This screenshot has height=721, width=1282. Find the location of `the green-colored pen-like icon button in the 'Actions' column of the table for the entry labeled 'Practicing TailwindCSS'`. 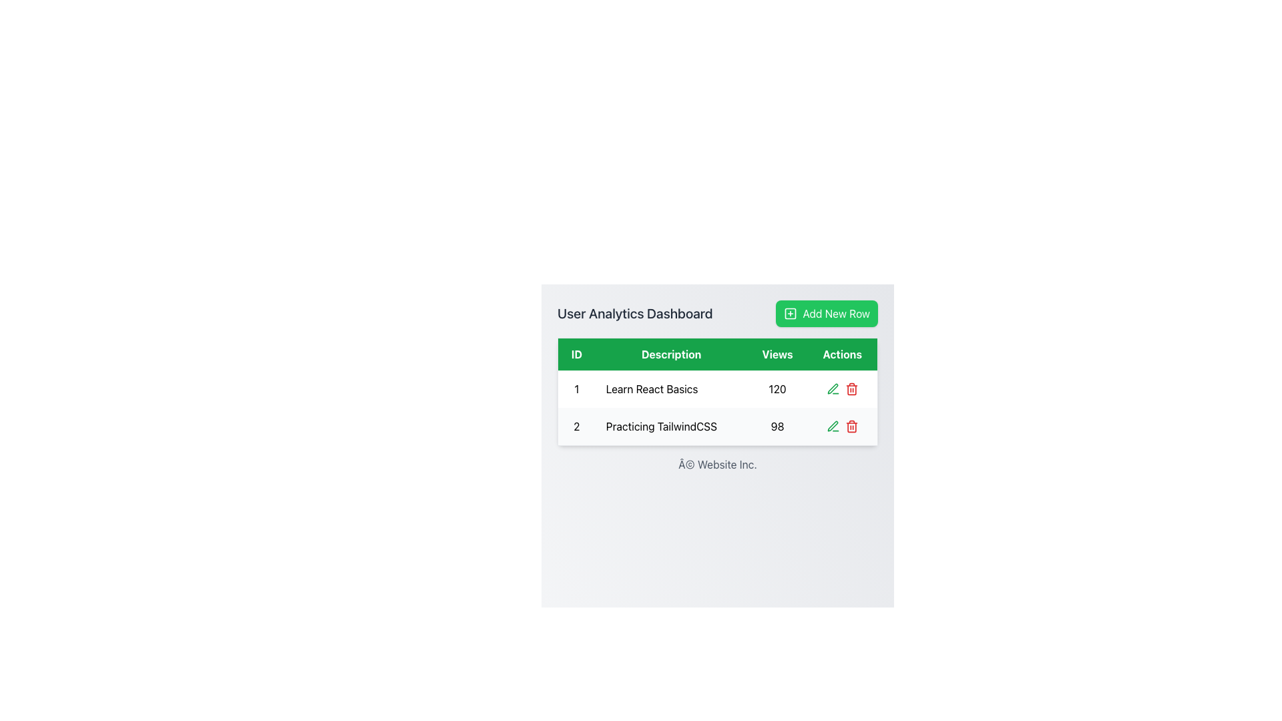

the green-colored pen-like icon button in the 'Actions' column of the table for the entry labeled 'Practicing TailwindCSS' is located at coordinates (832, 389).